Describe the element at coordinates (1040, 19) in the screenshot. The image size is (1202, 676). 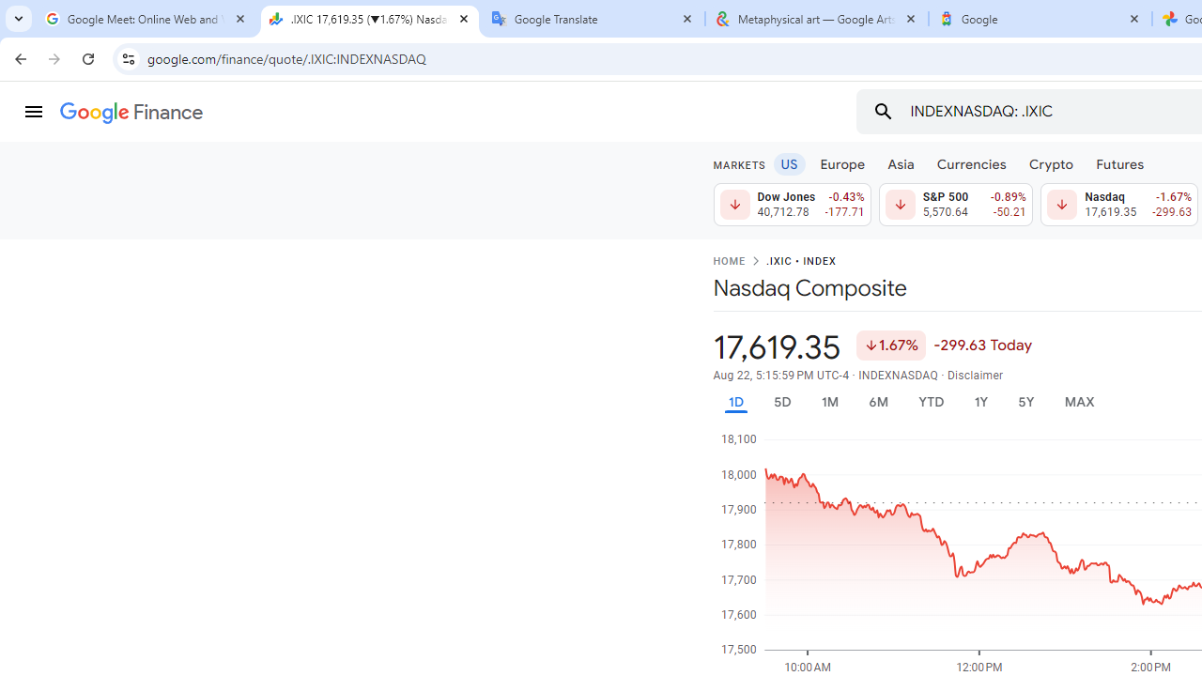
I see `'Google'` at that location.